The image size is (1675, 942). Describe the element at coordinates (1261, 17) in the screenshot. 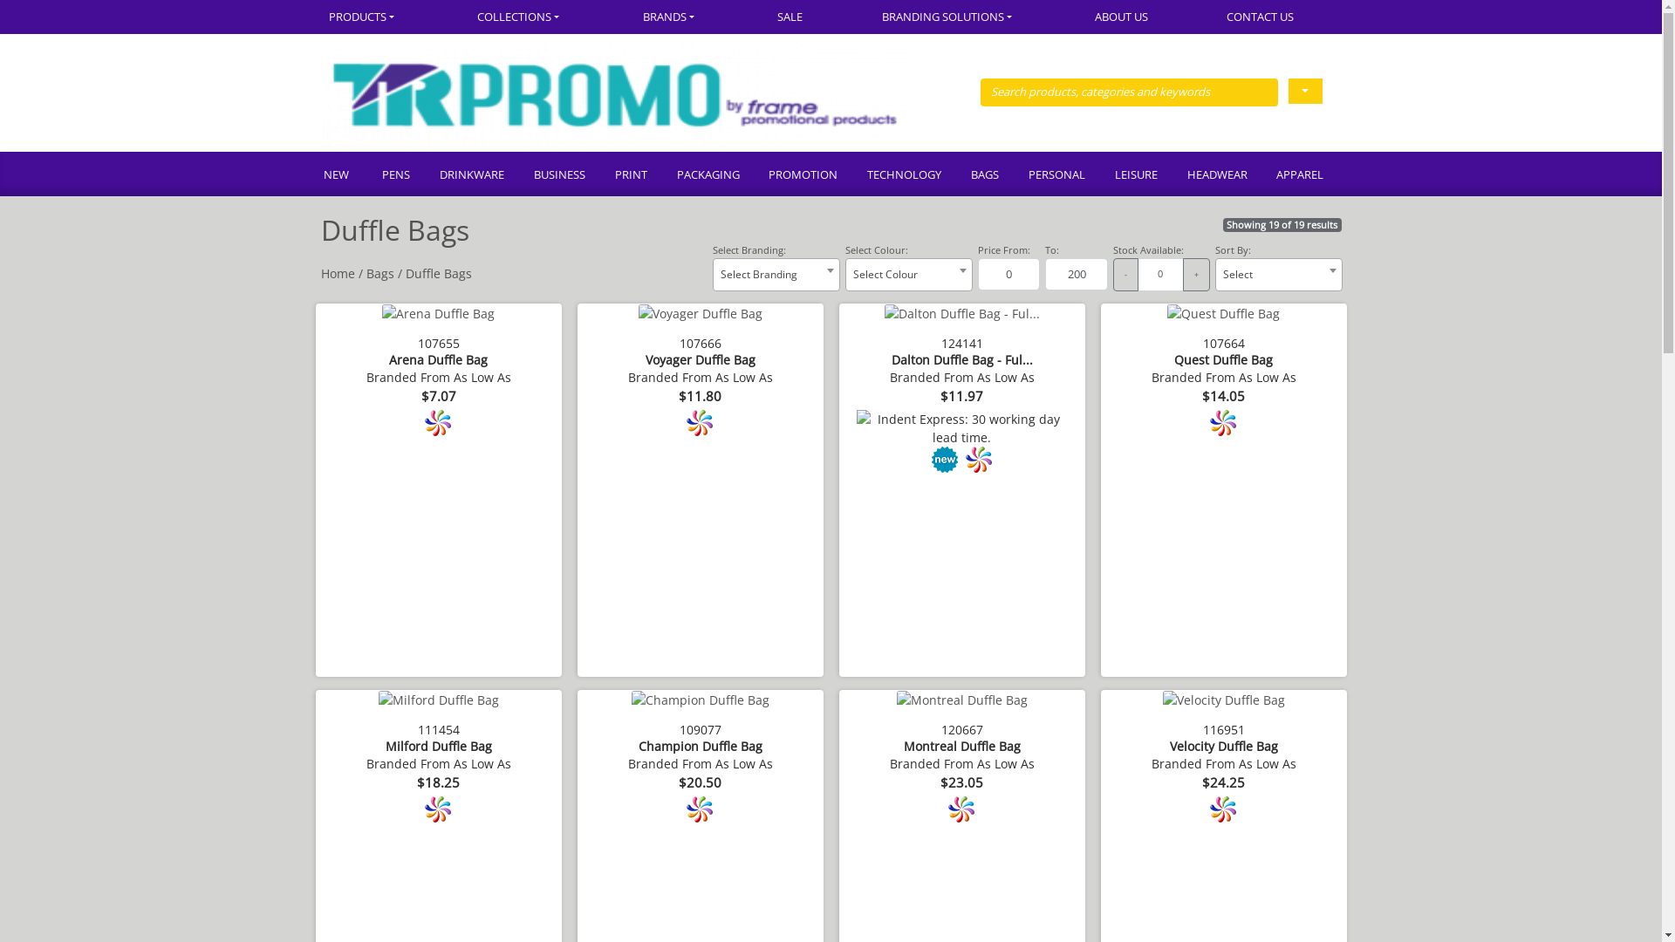

I see `'CONTACT US'` at that location.